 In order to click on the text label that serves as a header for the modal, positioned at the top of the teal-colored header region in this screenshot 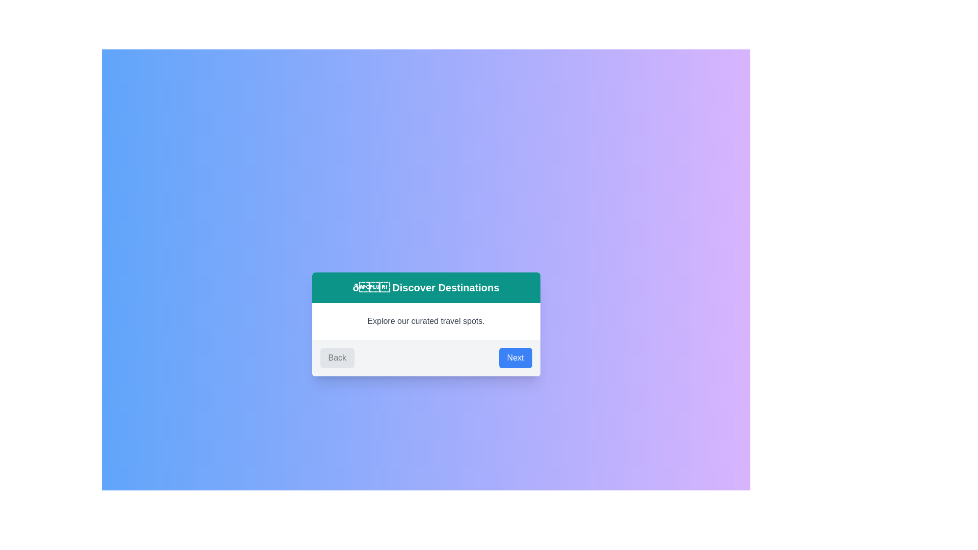, I will do `click(426, 287)`.